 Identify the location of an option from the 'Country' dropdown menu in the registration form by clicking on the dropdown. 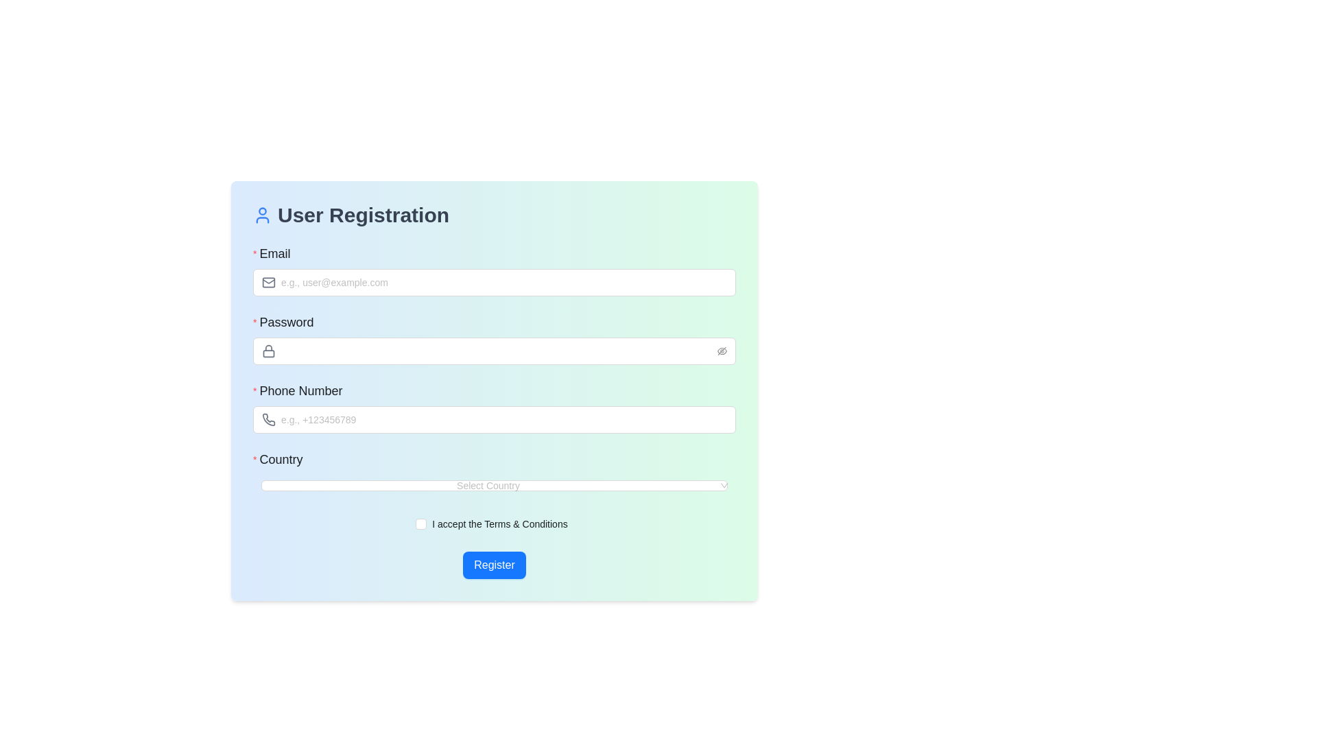
(494, 473).